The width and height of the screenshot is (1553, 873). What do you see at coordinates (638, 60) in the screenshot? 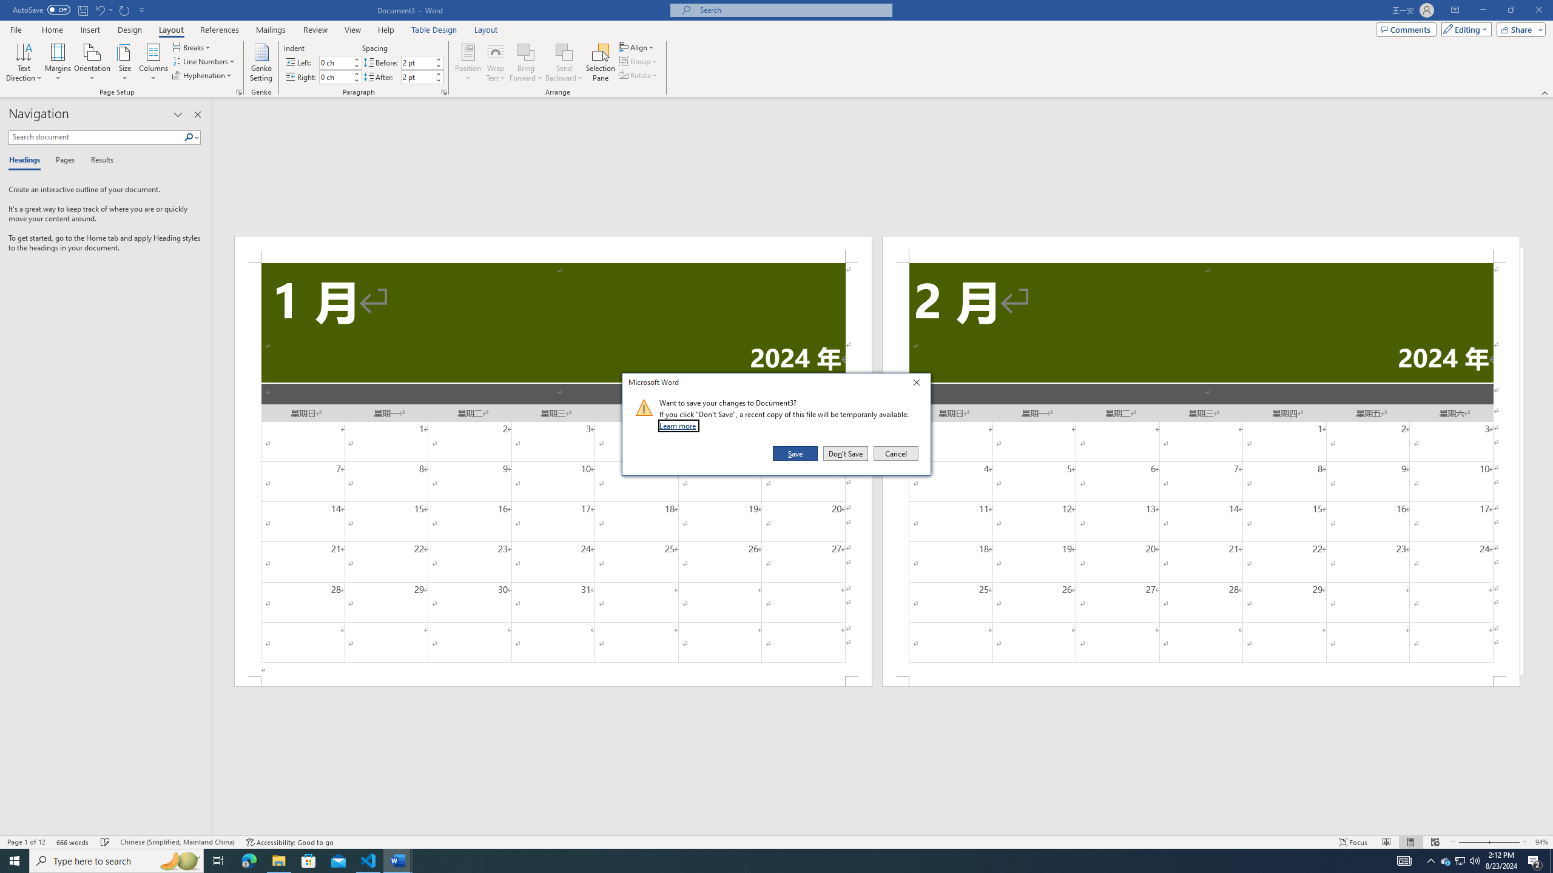
I see `'Group'` at bounding box center [638, 60].